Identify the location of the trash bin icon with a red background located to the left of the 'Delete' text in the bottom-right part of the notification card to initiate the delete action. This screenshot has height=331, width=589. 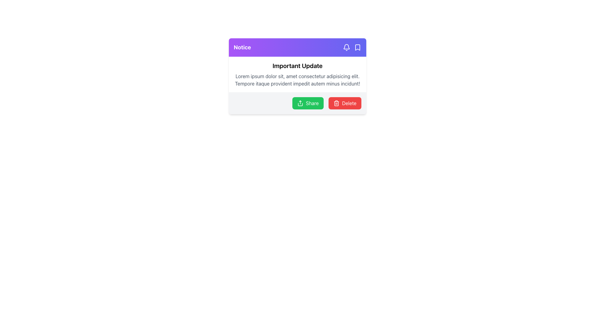
(336, 103).